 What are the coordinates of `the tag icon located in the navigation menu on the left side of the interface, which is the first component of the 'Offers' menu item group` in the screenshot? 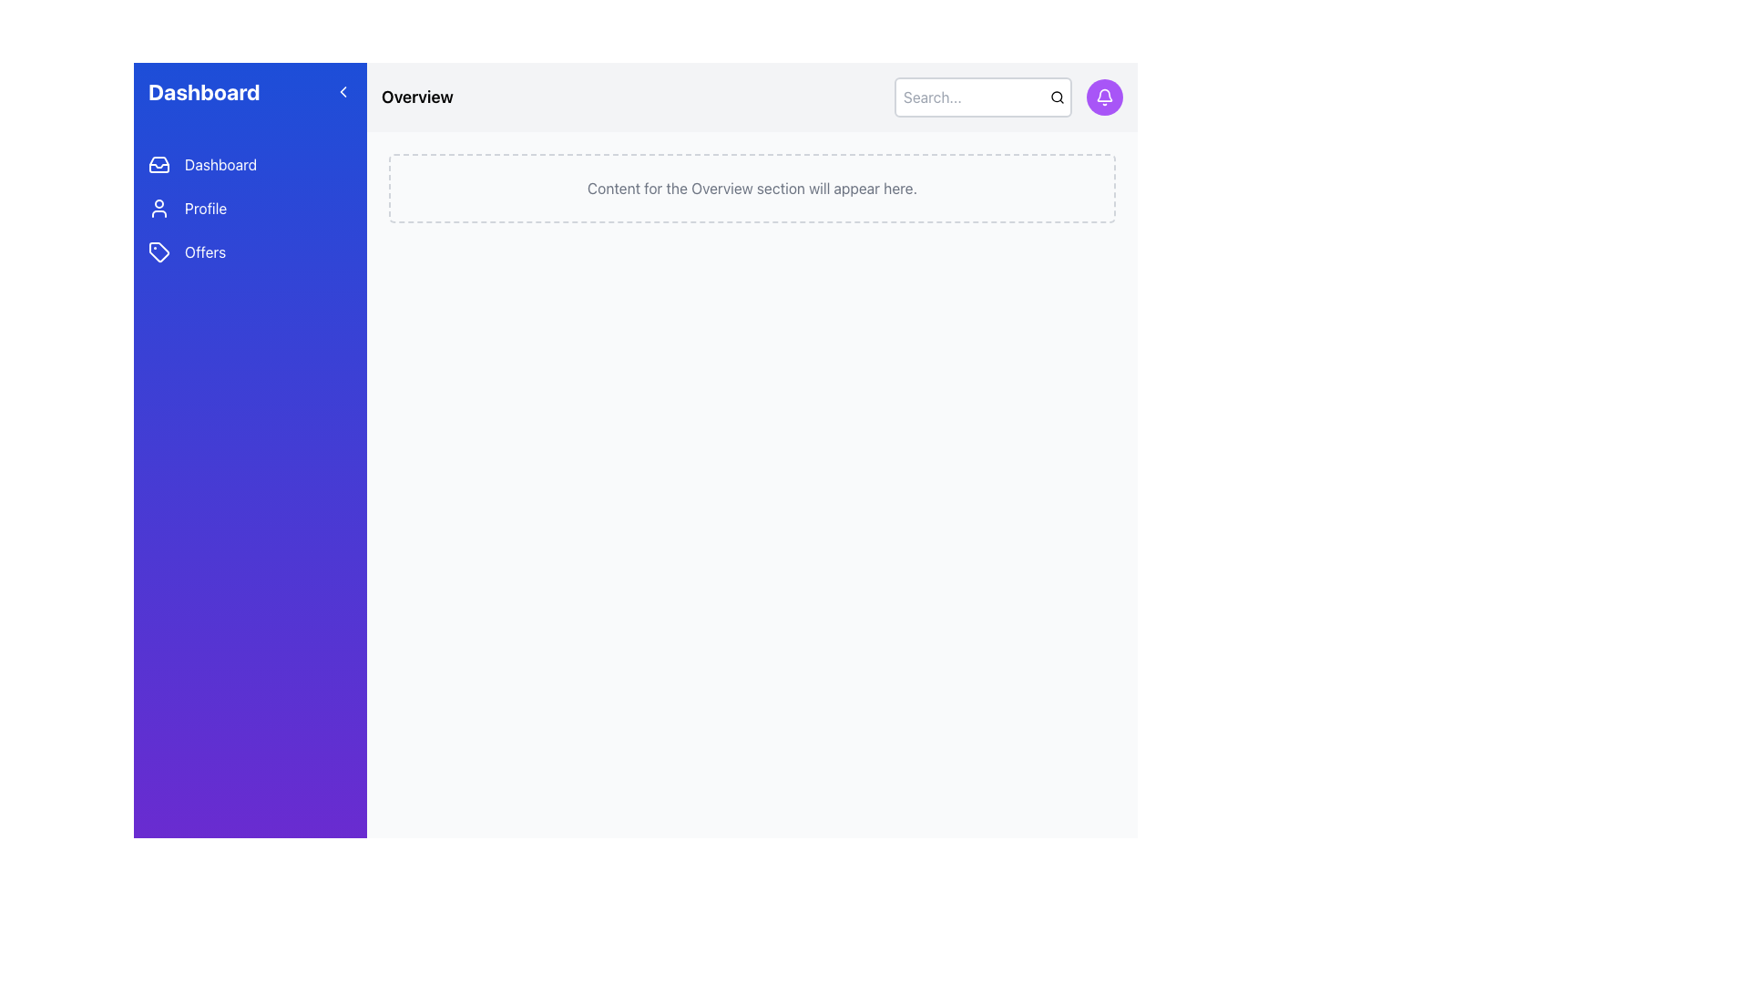 It's located at (159, 252).